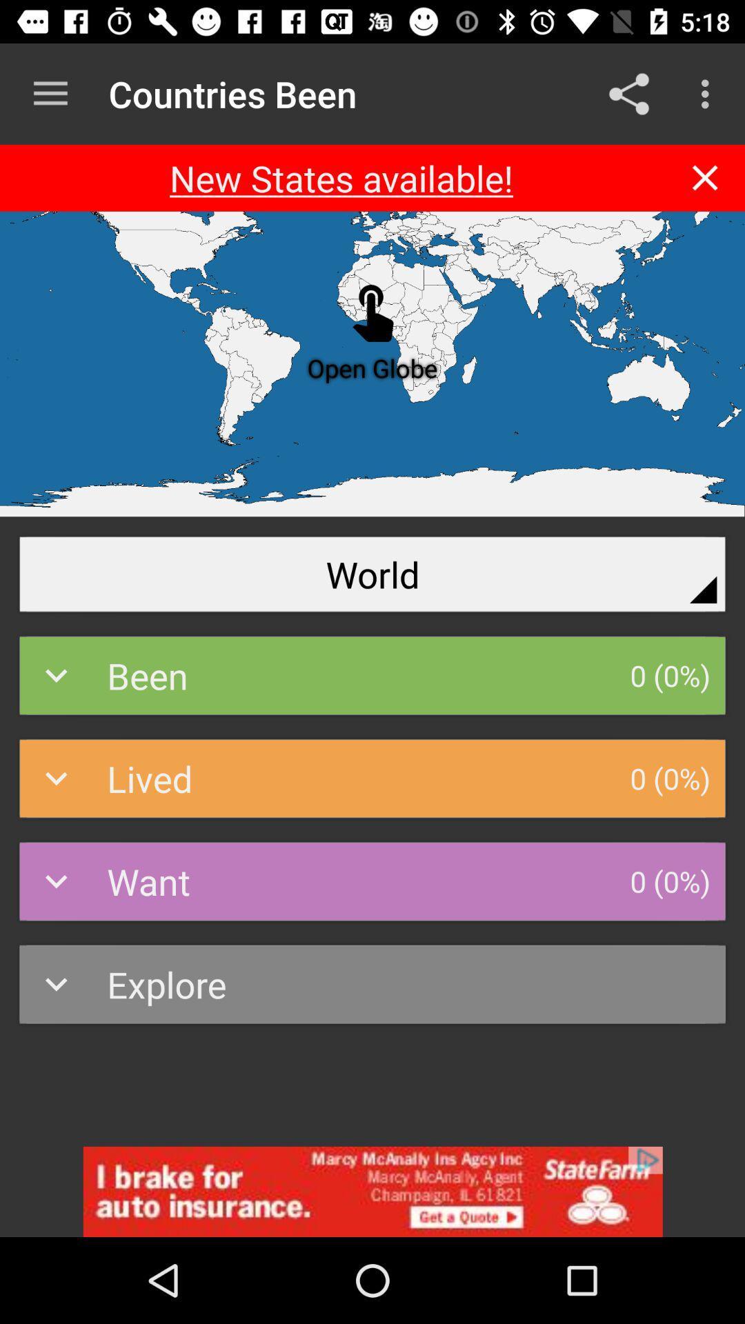  What do you see at coordinates (50, 93) in the screenshot?
I see `open menu` at bounding box center [50, 93].